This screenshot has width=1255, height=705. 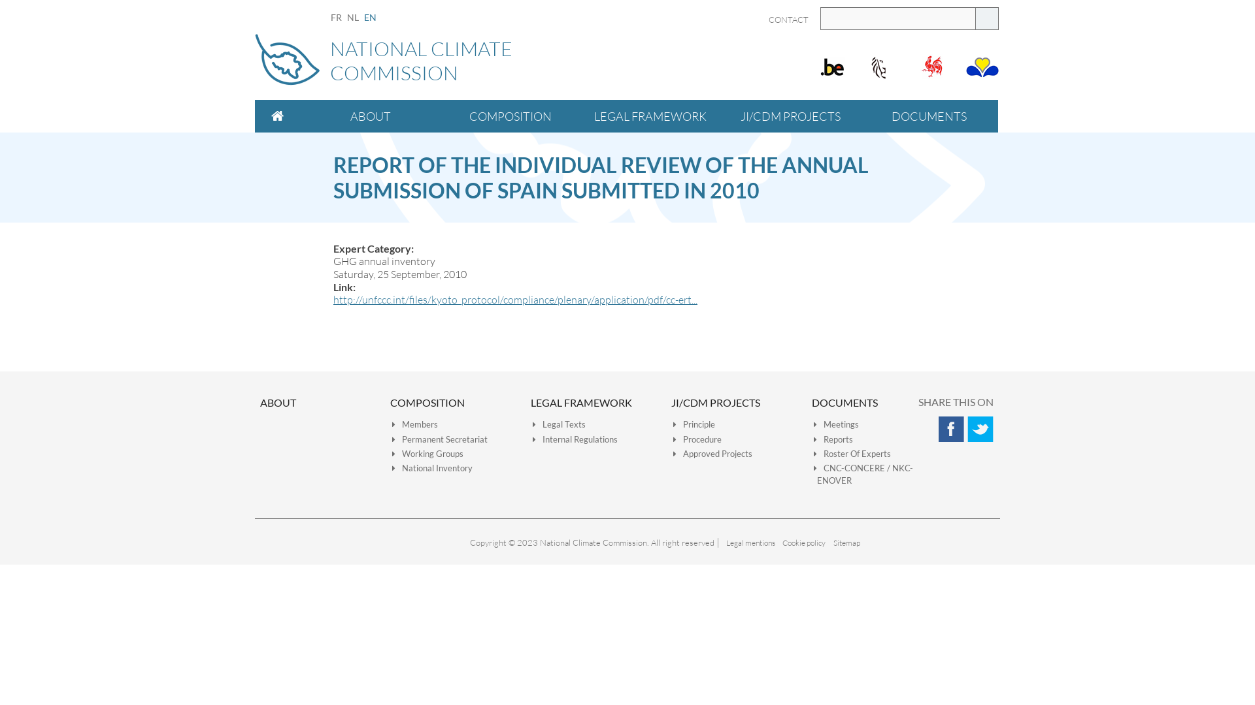 What do you see at coordinates (627, 63) in the screenshot?
I see `'NATIONAL CLIMATE COMMISSION'` at bounding box center [627, 63].